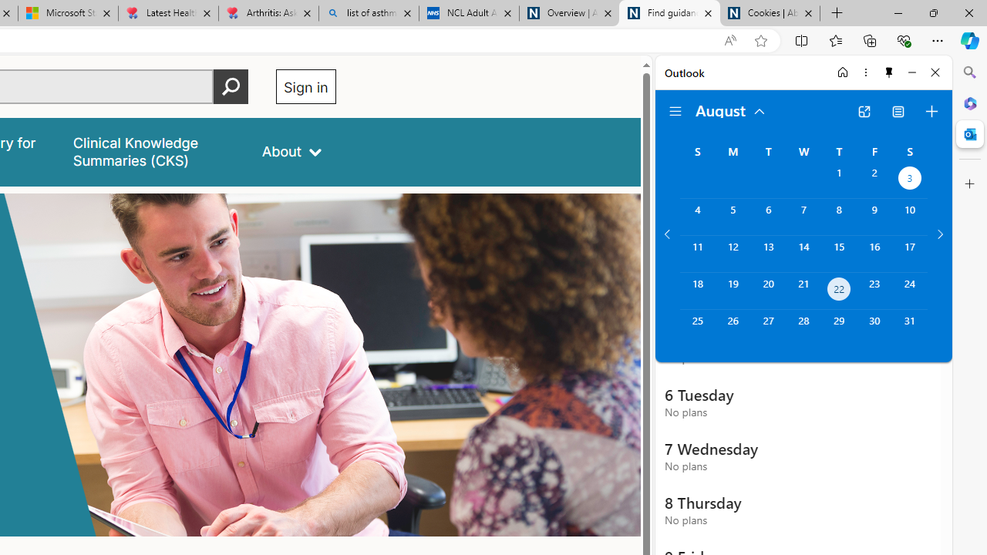  I want to click on 'Unpin side pane', so click(889, 72).